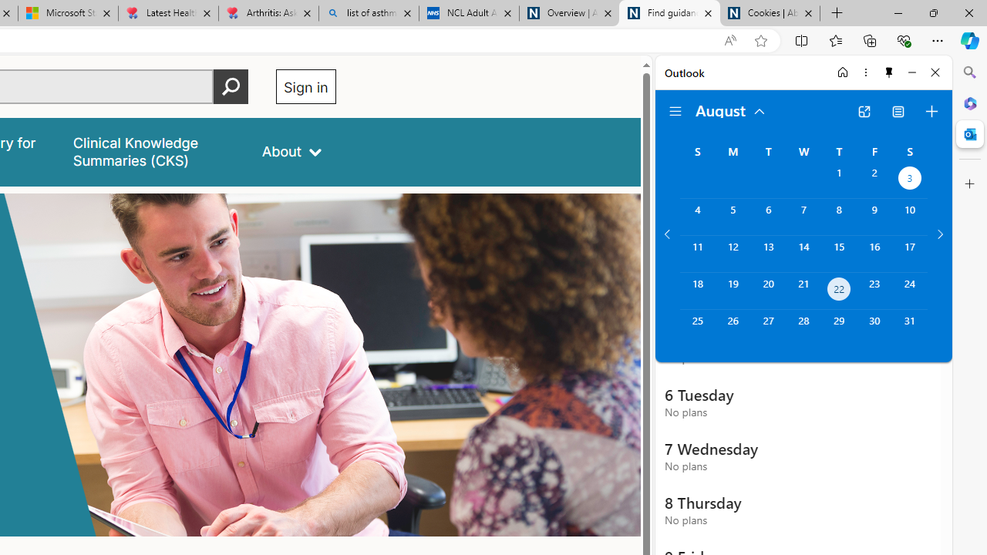  I want to click on 'Unpin side pane', so click(889, 72).